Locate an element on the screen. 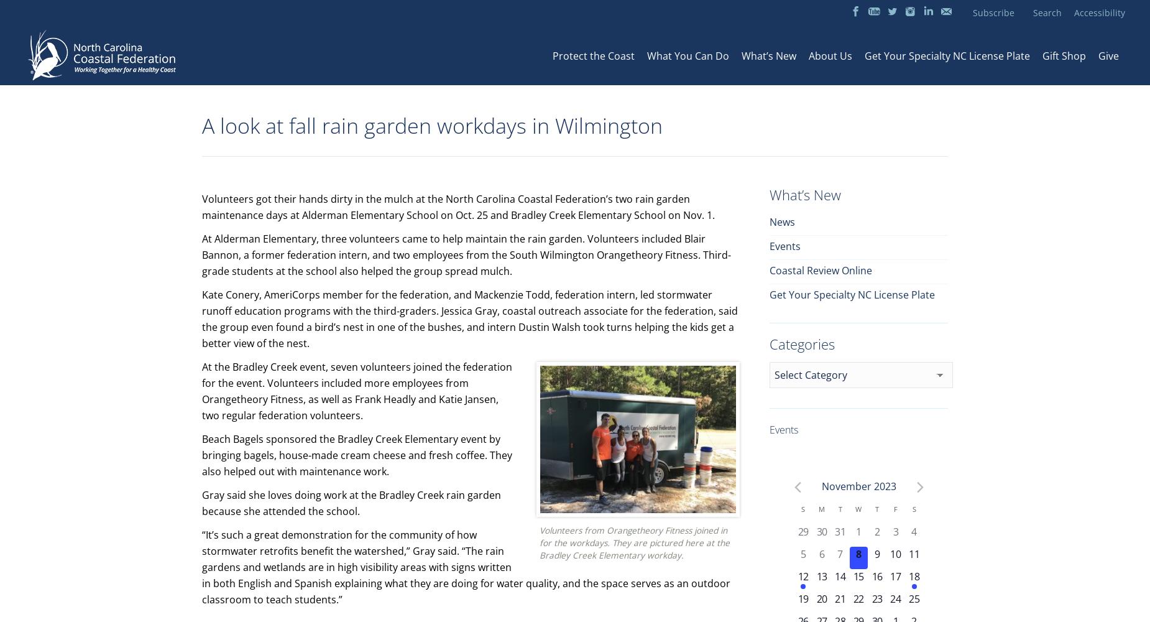 This screenshot has height=622, width=1150. 'Southeast Coastal Ambassadors' is located at coordinates (652, 121).